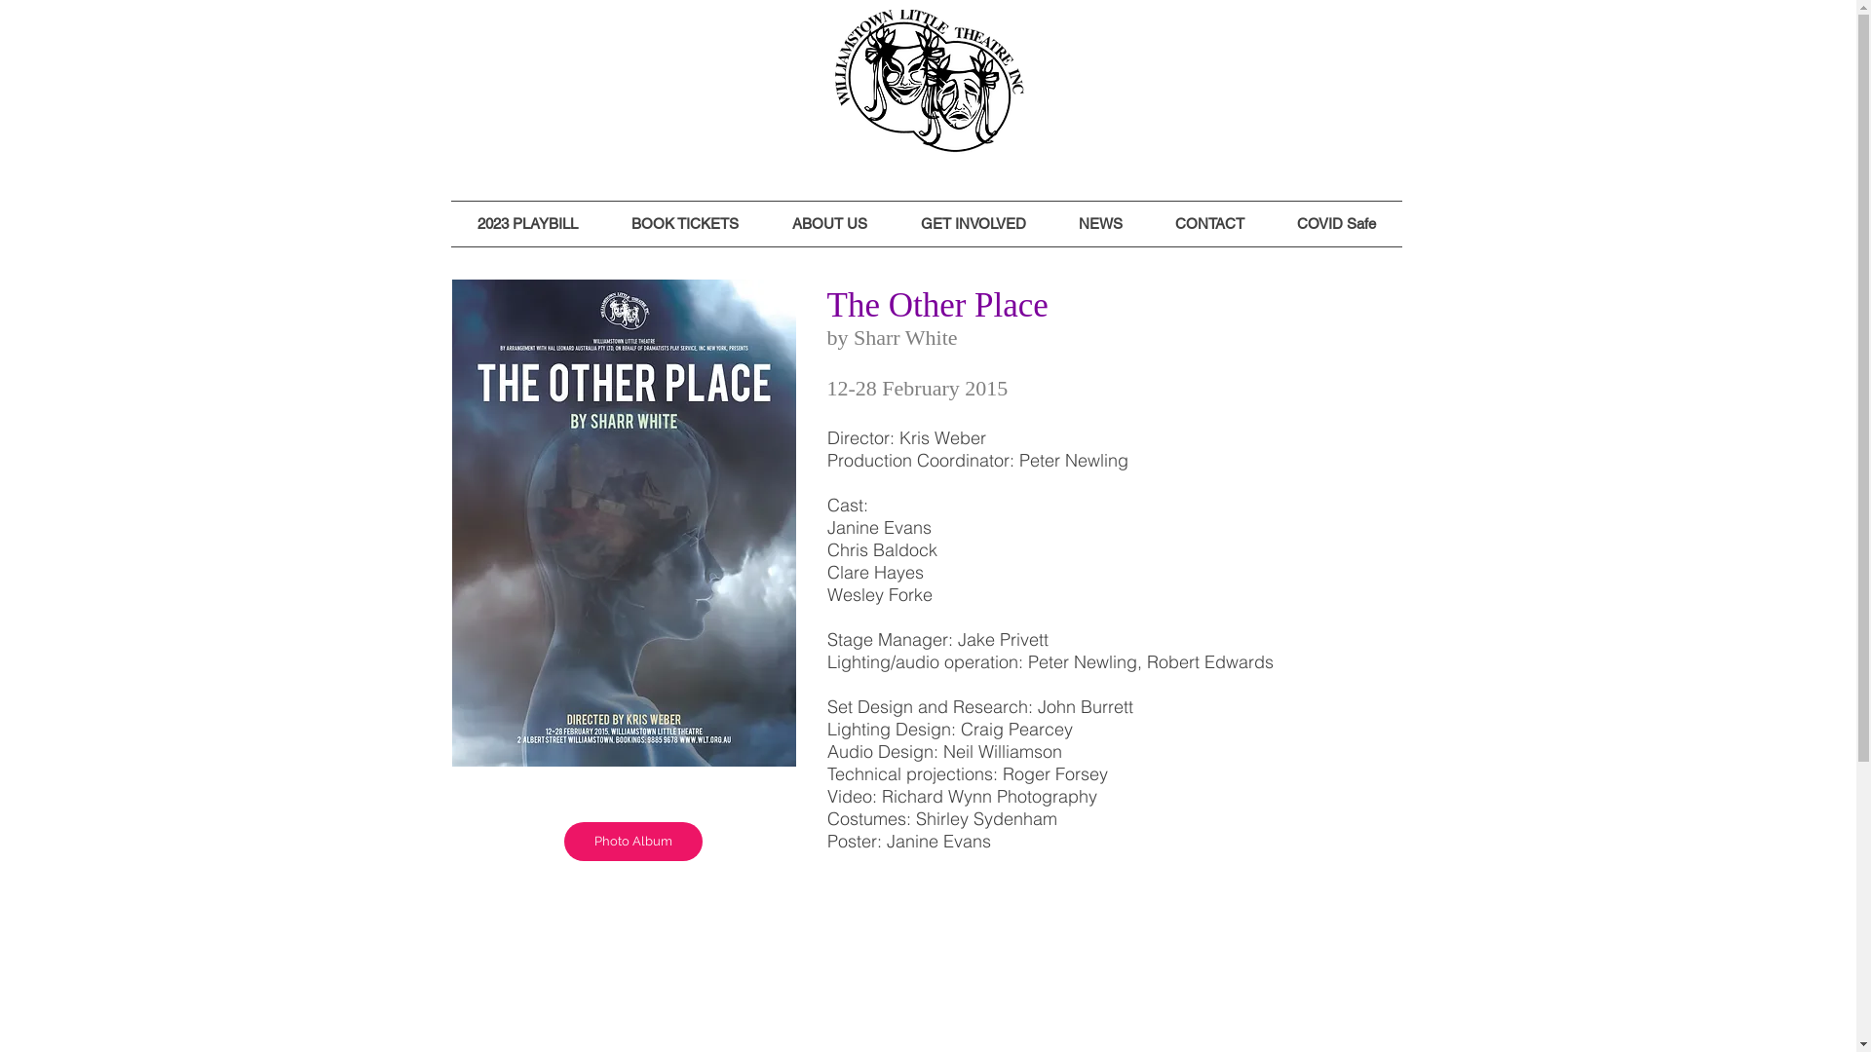 This screenshot has width=1871, height=1052. I want to click on 'ABOUT US', so click(765, 223).